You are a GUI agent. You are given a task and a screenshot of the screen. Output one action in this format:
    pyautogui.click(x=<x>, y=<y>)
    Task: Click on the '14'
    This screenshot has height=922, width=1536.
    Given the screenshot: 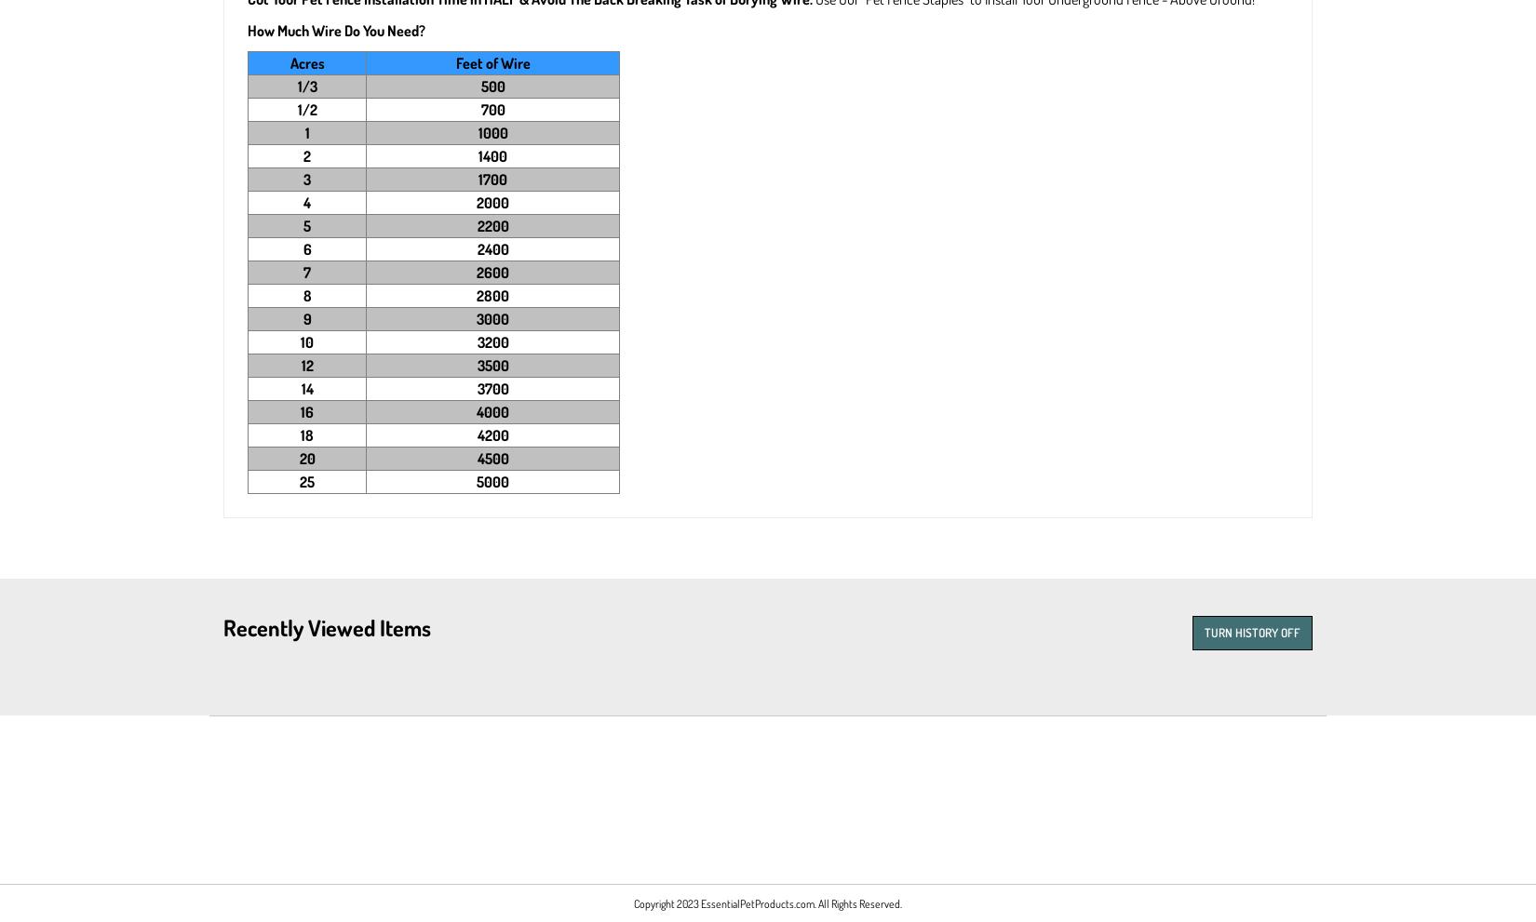 What is the action you would take?
    pyautogui.click(x=306, y=389)
    